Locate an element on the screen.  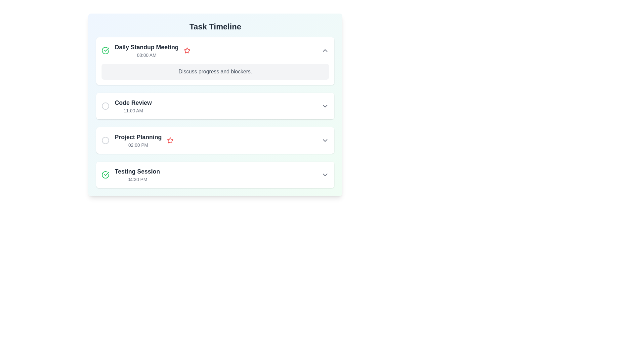
textual content of the label displaying 'Daily Standup Meeting', which is bold and aligned to the left at the top of the task list section under the 'Task Timeline' header is located at coordinates (146, 47).